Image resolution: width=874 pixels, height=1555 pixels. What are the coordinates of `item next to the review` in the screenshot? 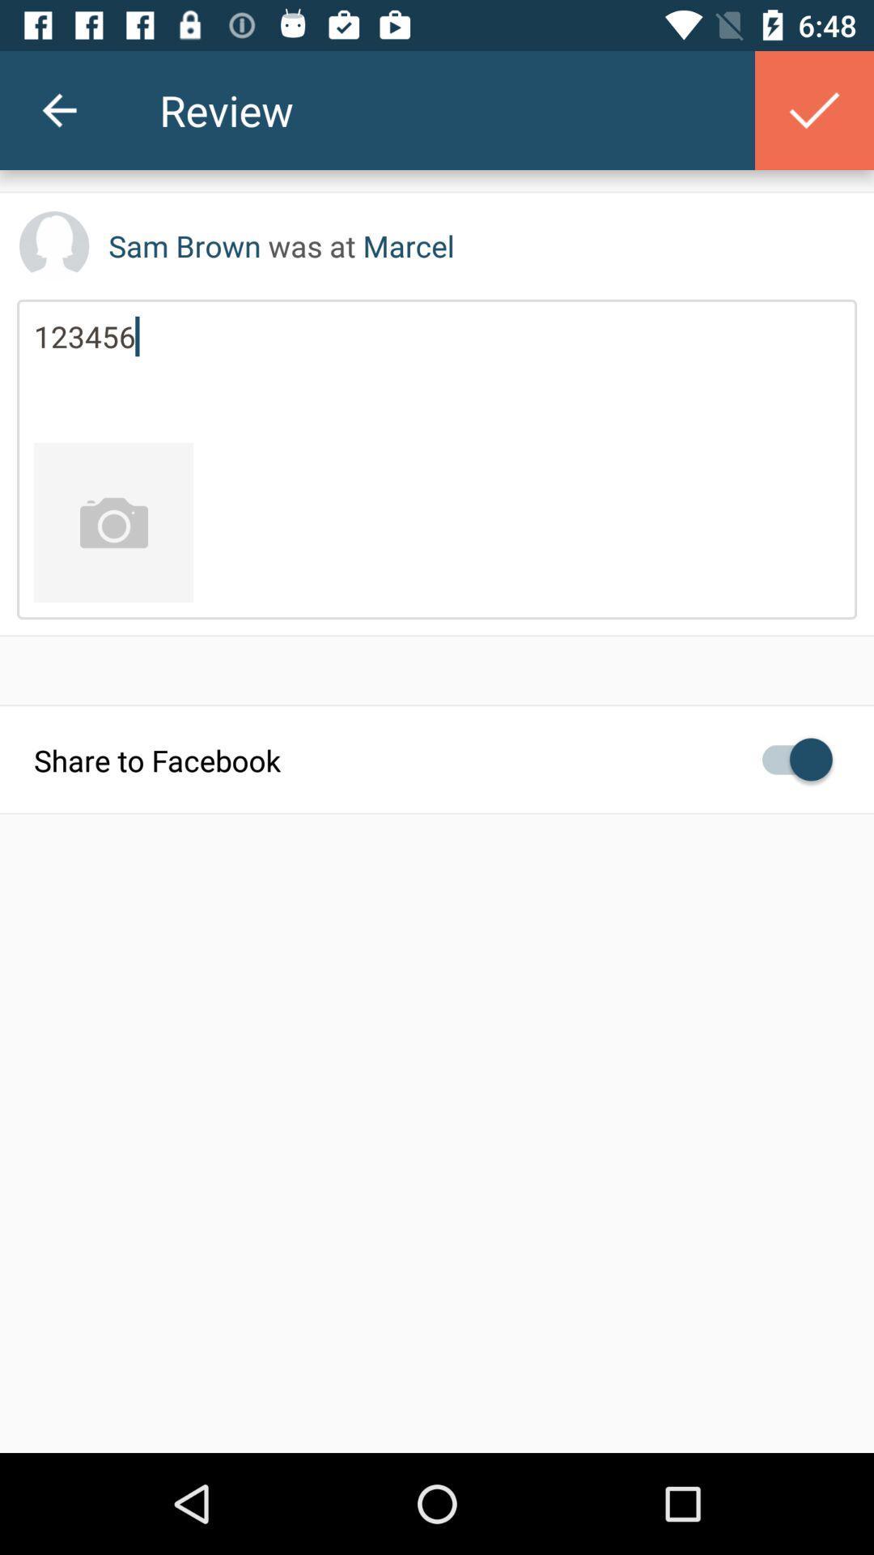 It's located at (814, 109).